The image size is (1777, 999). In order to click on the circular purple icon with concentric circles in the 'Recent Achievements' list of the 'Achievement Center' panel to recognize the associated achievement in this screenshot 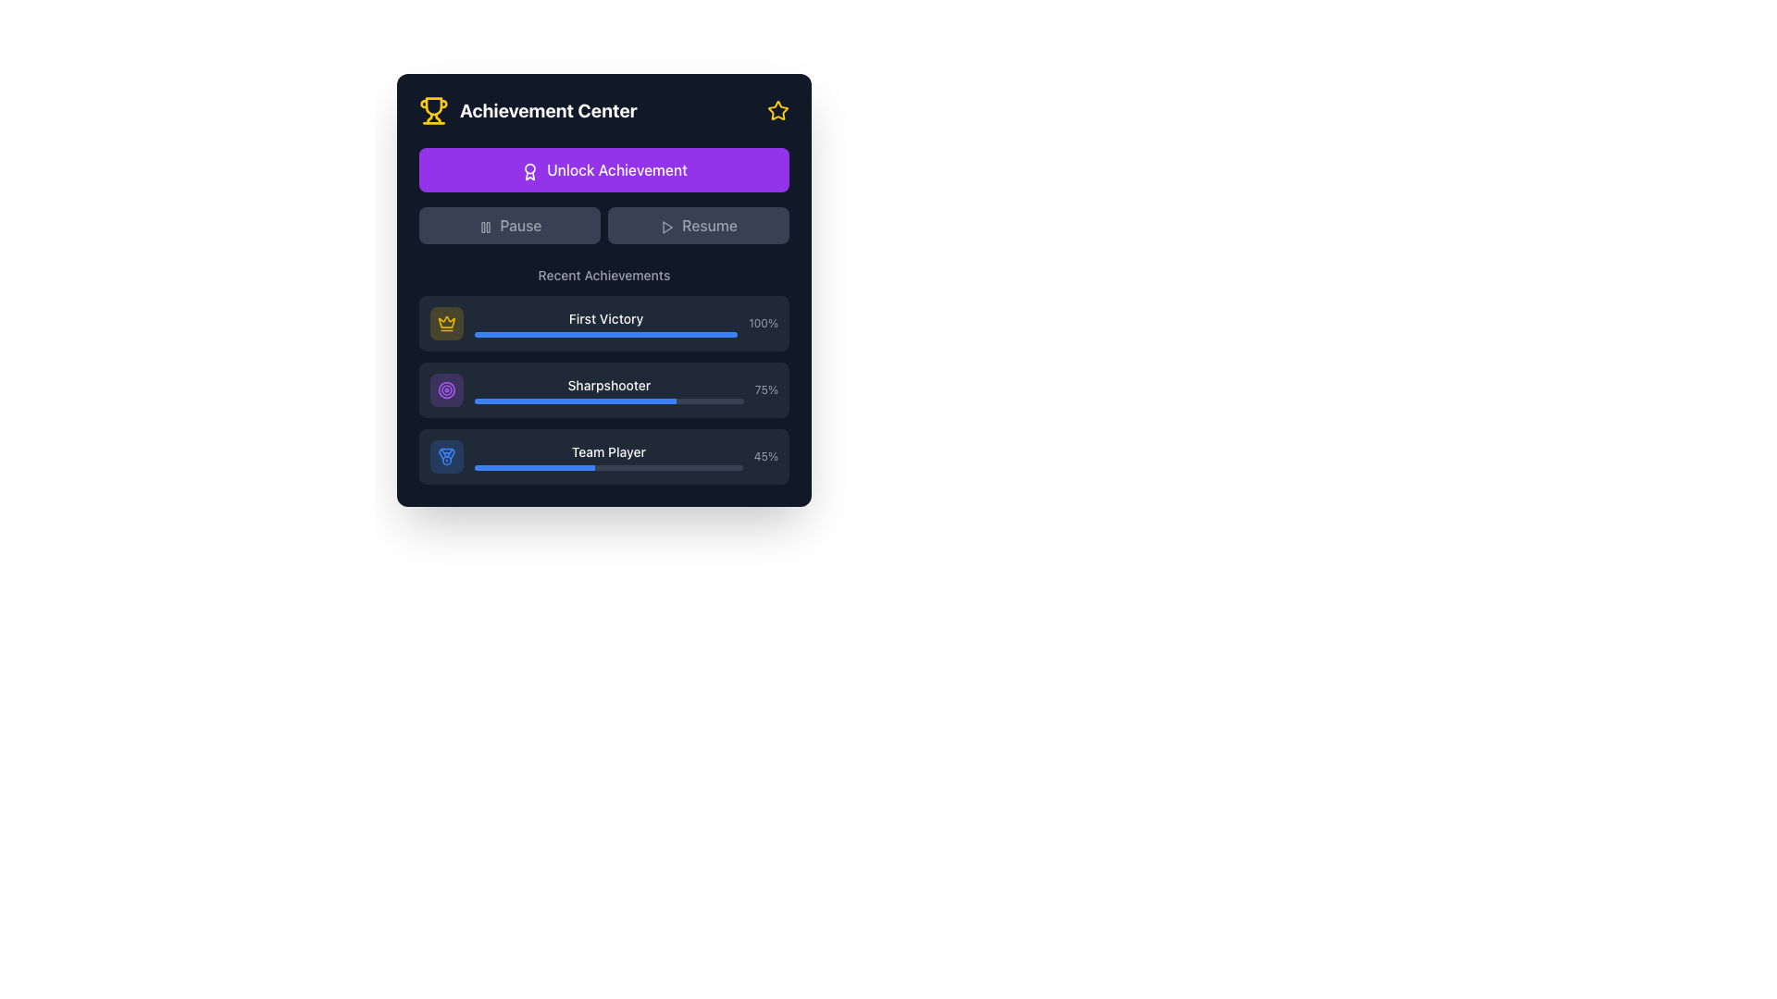, I will do `click(447, 388)`.